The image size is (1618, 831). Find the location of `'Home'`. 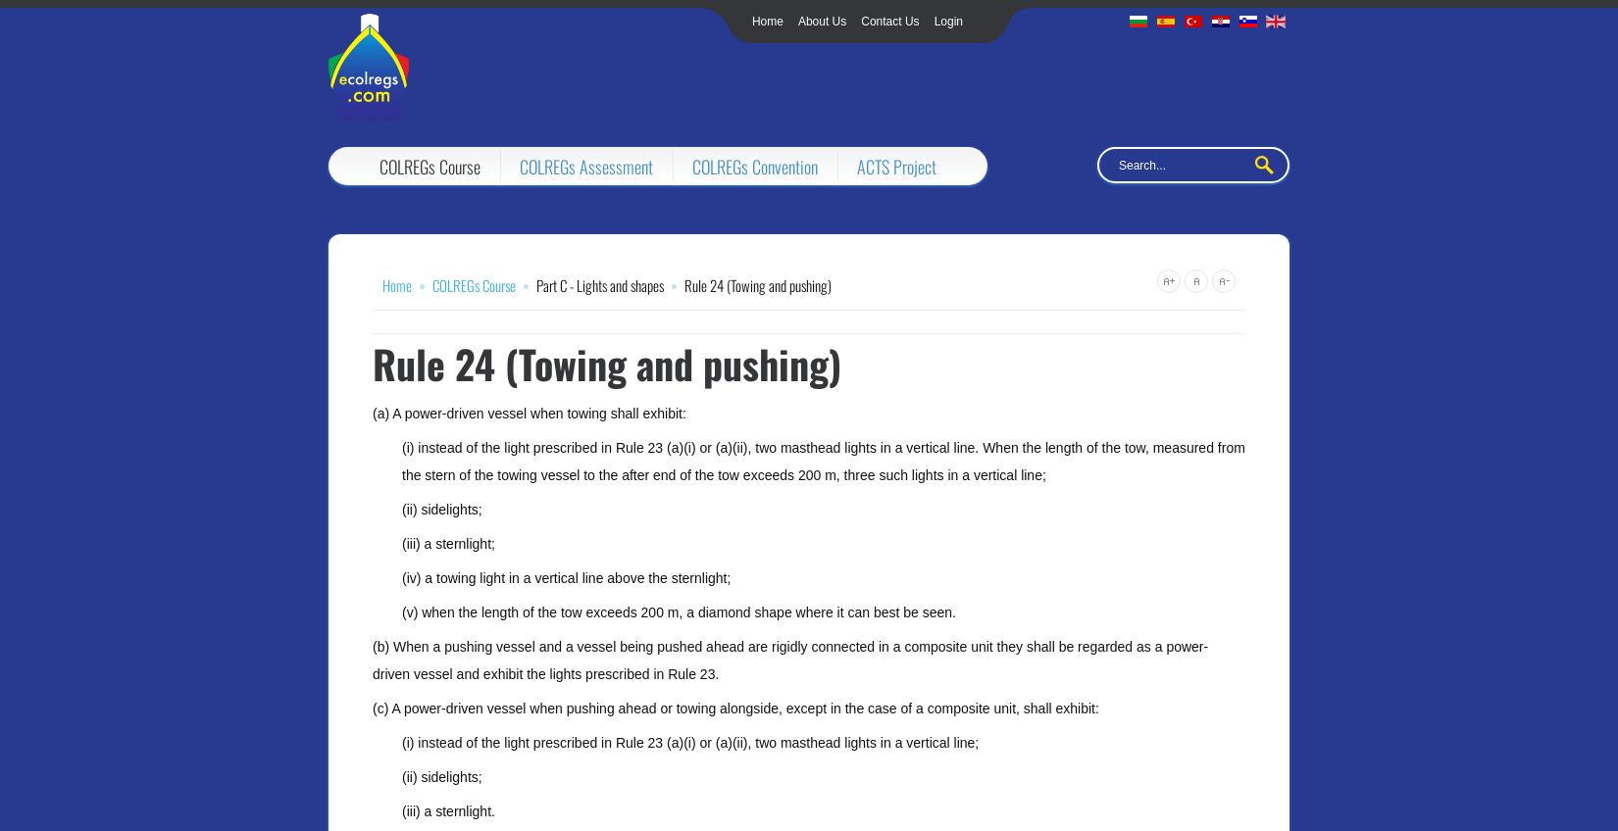

'Home' is located at coordinates (749, 20).